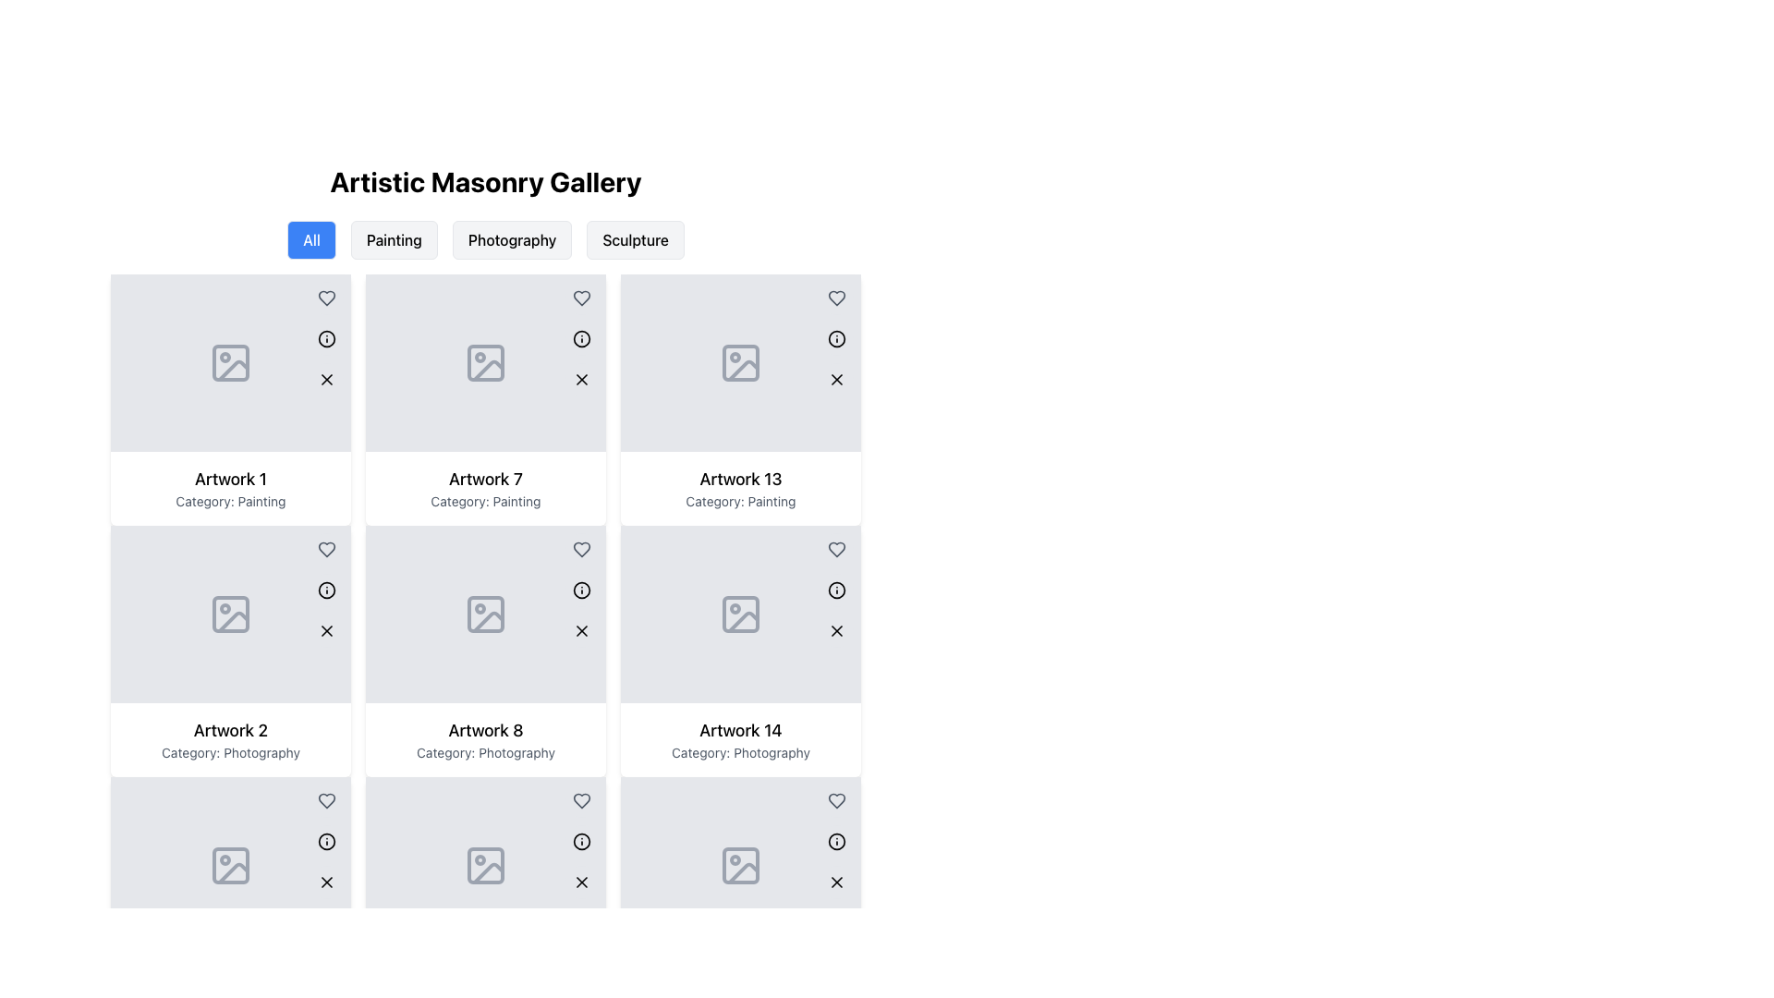  Describe the element at coordinates (836, 841) in the screenshot. I see `the middle button in the vertical group of buttons located at the top-right section of the third column in the gallery grid below 'Artwork 14' to trigger a tooltip` at that location.